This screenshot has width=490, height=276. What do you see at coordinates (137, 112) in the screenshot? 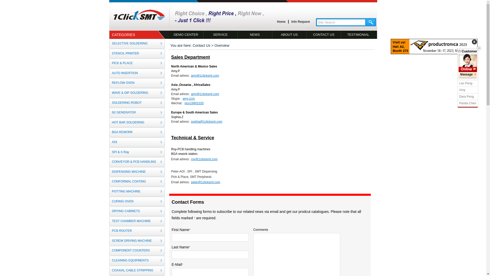
I see `'N2 GENERATOR'` at bounding box center [137, 112].